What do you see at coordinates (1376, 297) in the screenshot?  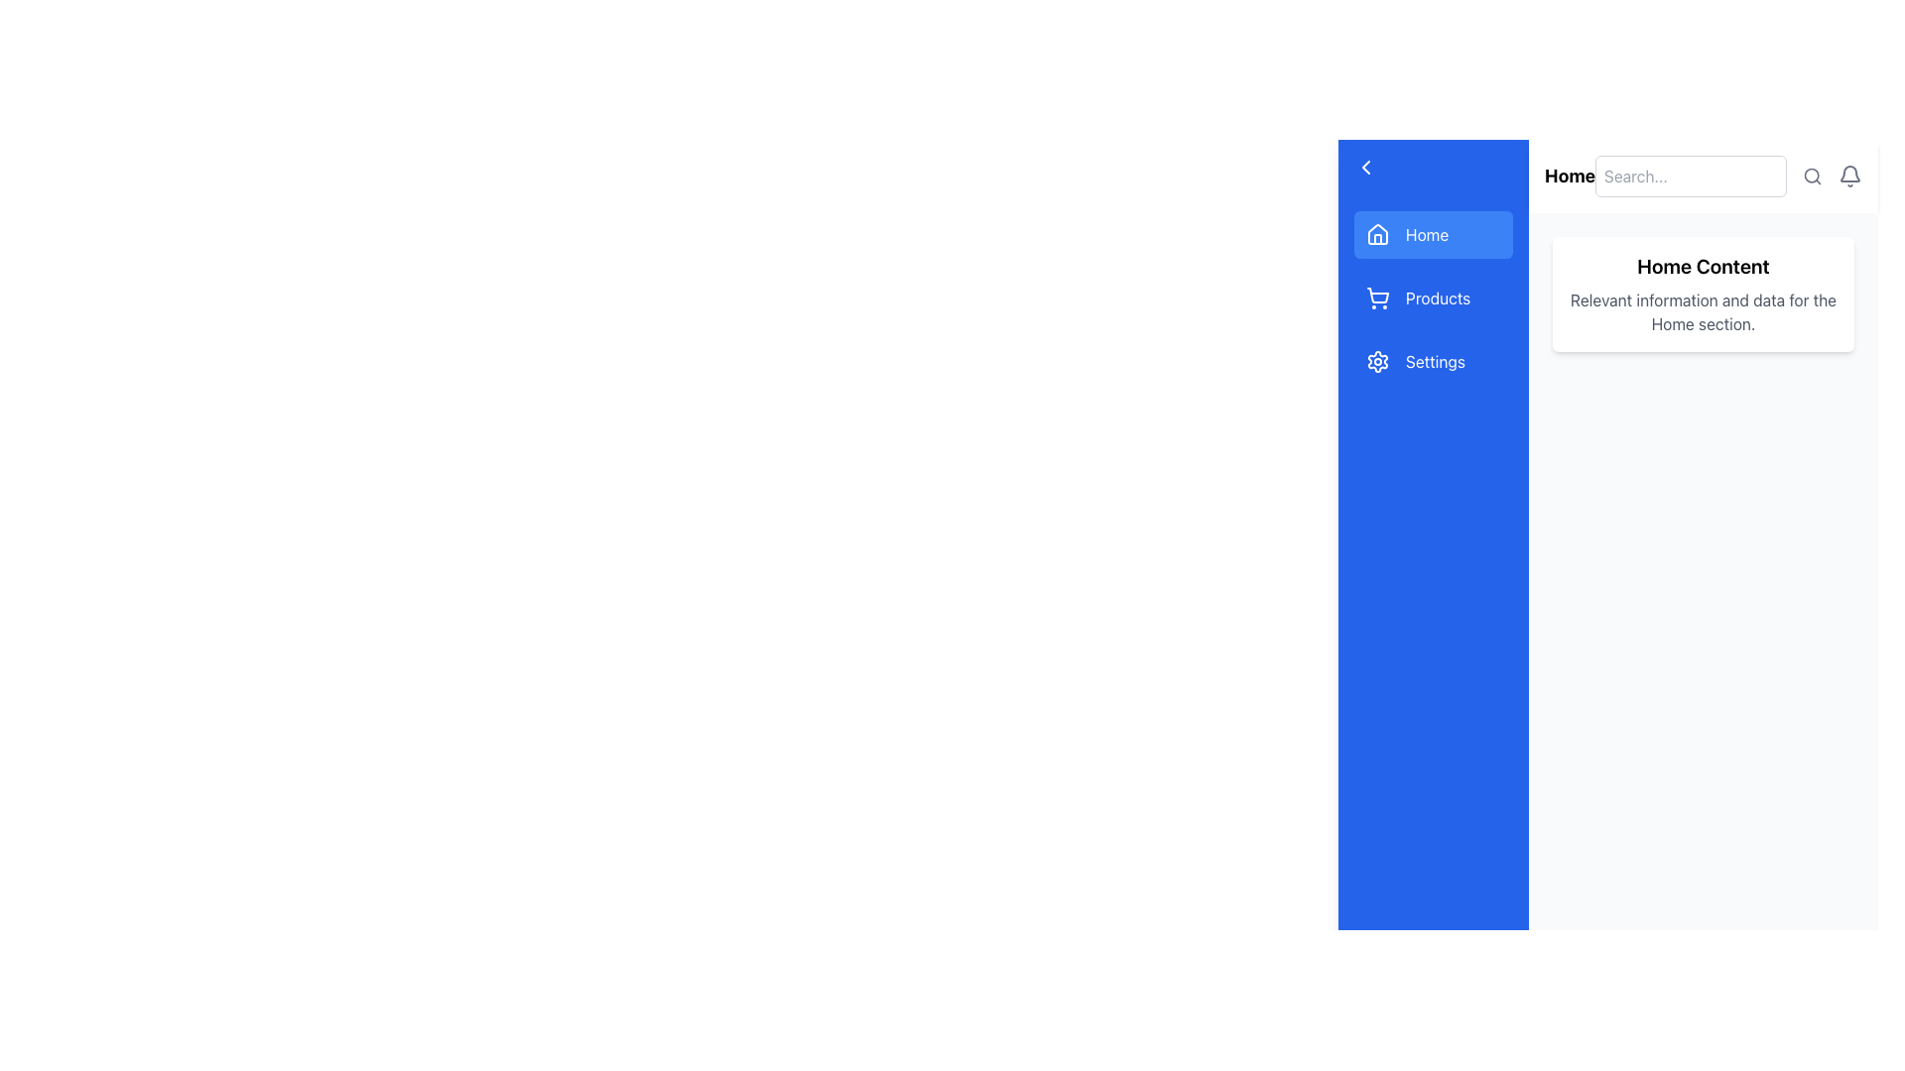 I see `the appearance of the shopping cart icon located next to the 'Products' text in the interface` at bounding box center [1376, 297].